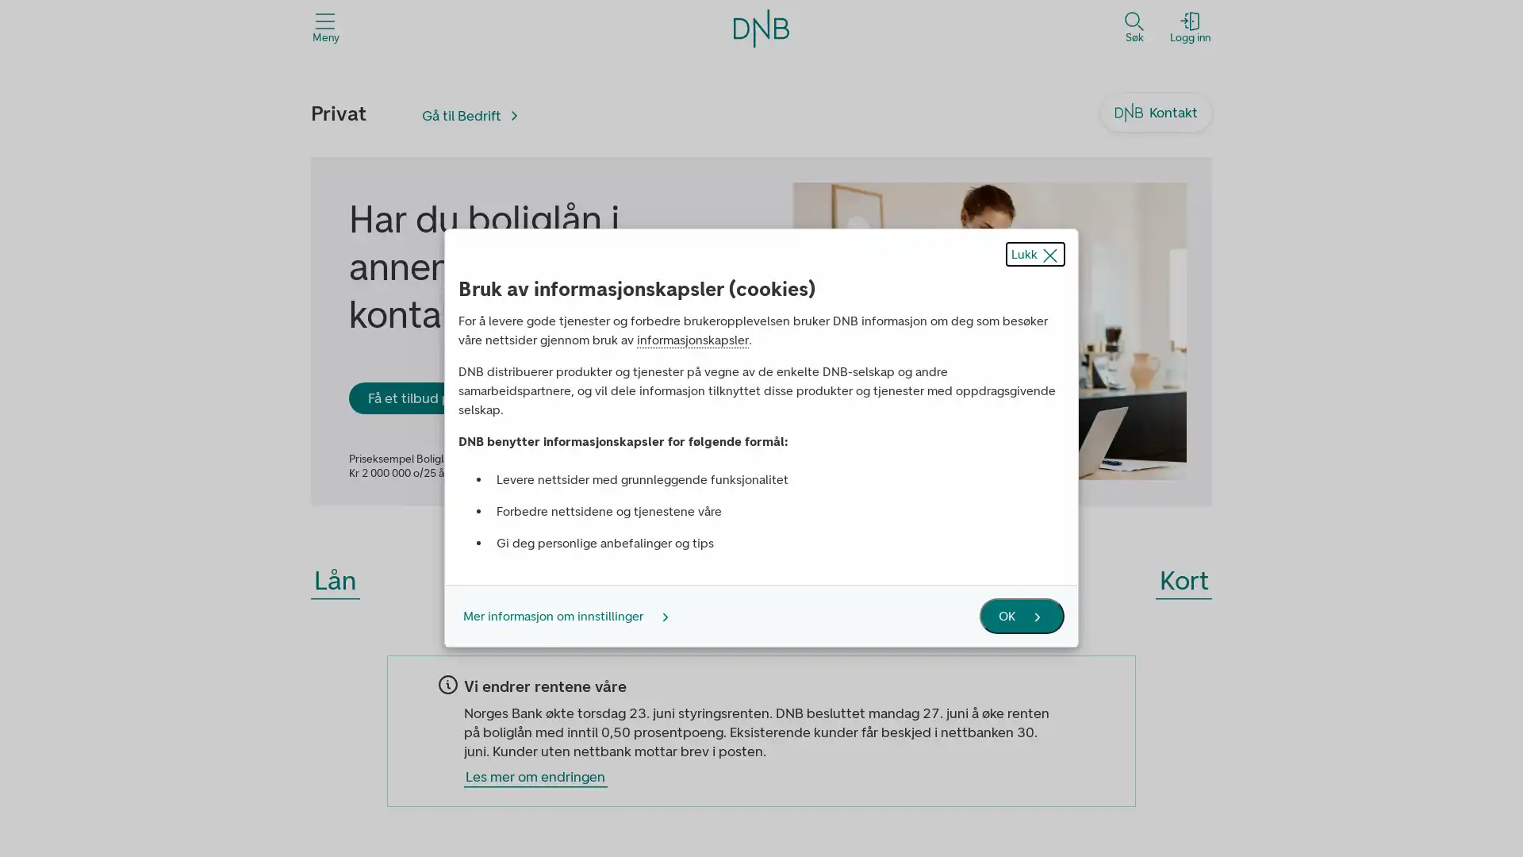  What do you see at coordinates (324, 27) in the screenshot?
I see `Meny` at bounding box center [324, 27].